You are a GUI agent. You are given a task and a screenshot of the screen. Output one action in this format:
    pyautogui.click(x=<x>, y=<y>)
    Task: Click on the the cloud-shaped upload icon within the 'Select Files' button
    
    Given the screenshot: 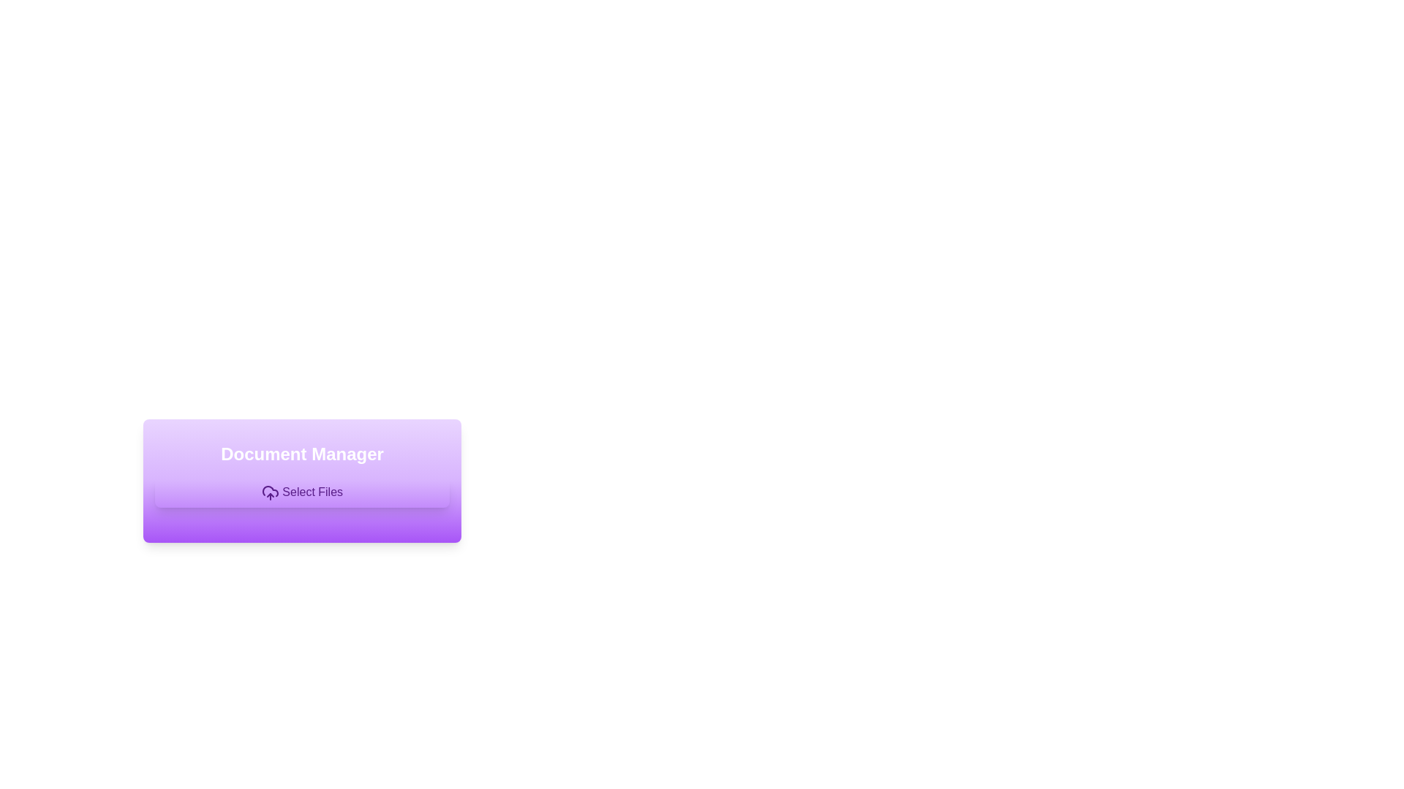 What is the action you would take?
    pyautogui.click(x=270, y=492)
    